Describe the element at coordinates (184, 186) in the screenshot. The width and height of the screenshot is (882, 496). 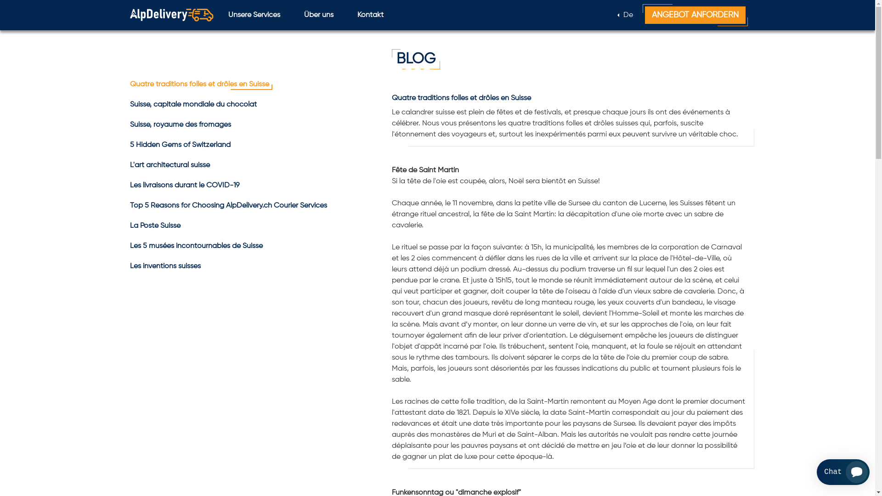
I see `'Les livraisons durant le COVID-19'` at that location.